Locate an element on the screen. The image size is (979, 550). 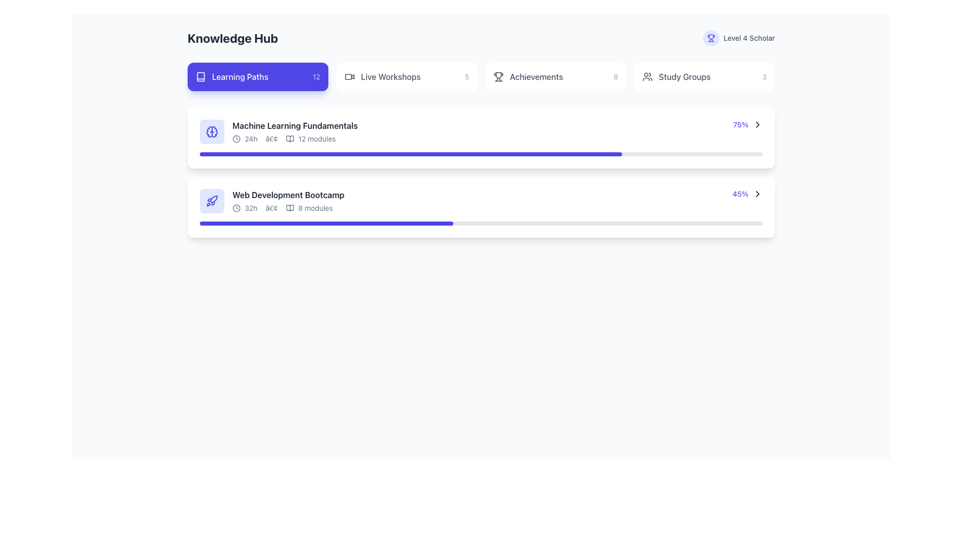
displayed text of the Text Label indicating the expected duration of the course module, which is '32 hours'. This label is located in the second course item, 'Web Development Bootcamp', between the clock icon and the bullet point is located at coordinates (251, 207).